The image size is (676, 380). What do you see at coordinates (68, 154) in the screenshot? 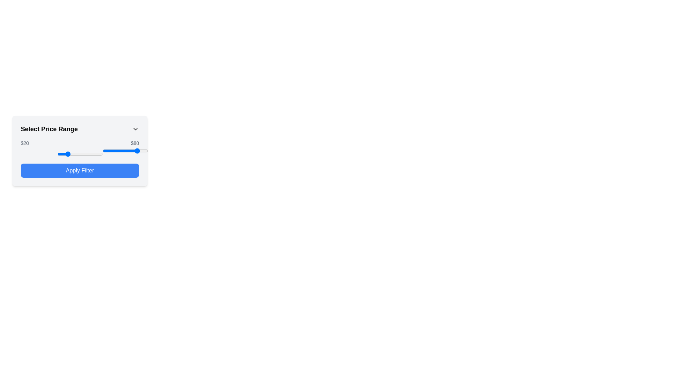
I see `the slider value` at bounding box center [68, 154].